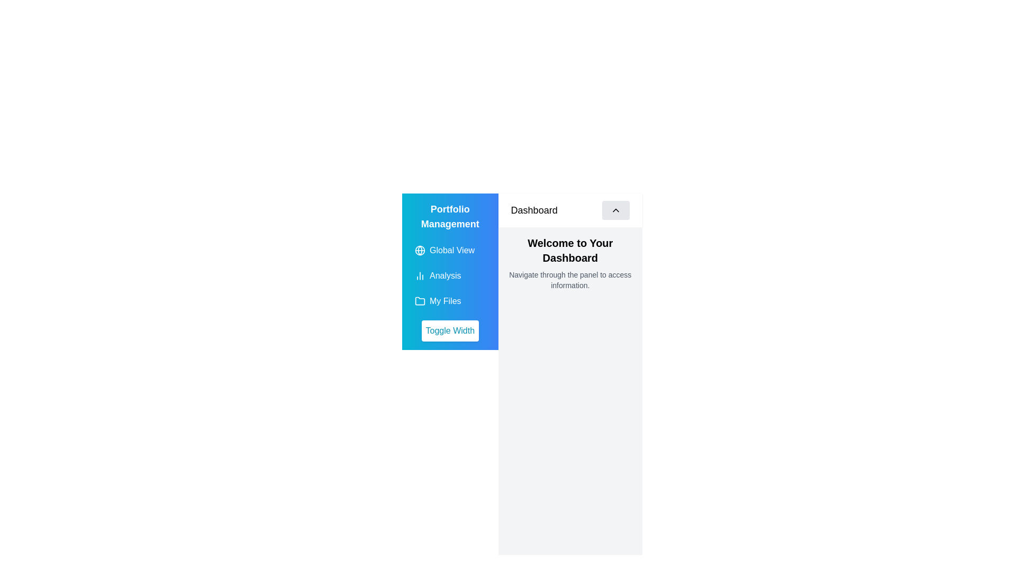 This screenshot has height=571, width=1016. What do you see at coordinates (615, 210) in the screenshot?
I see `the collapse/expand button located on the right side of the header bar, next to the 'Dashboard' title` at bounding box center [615, 210].